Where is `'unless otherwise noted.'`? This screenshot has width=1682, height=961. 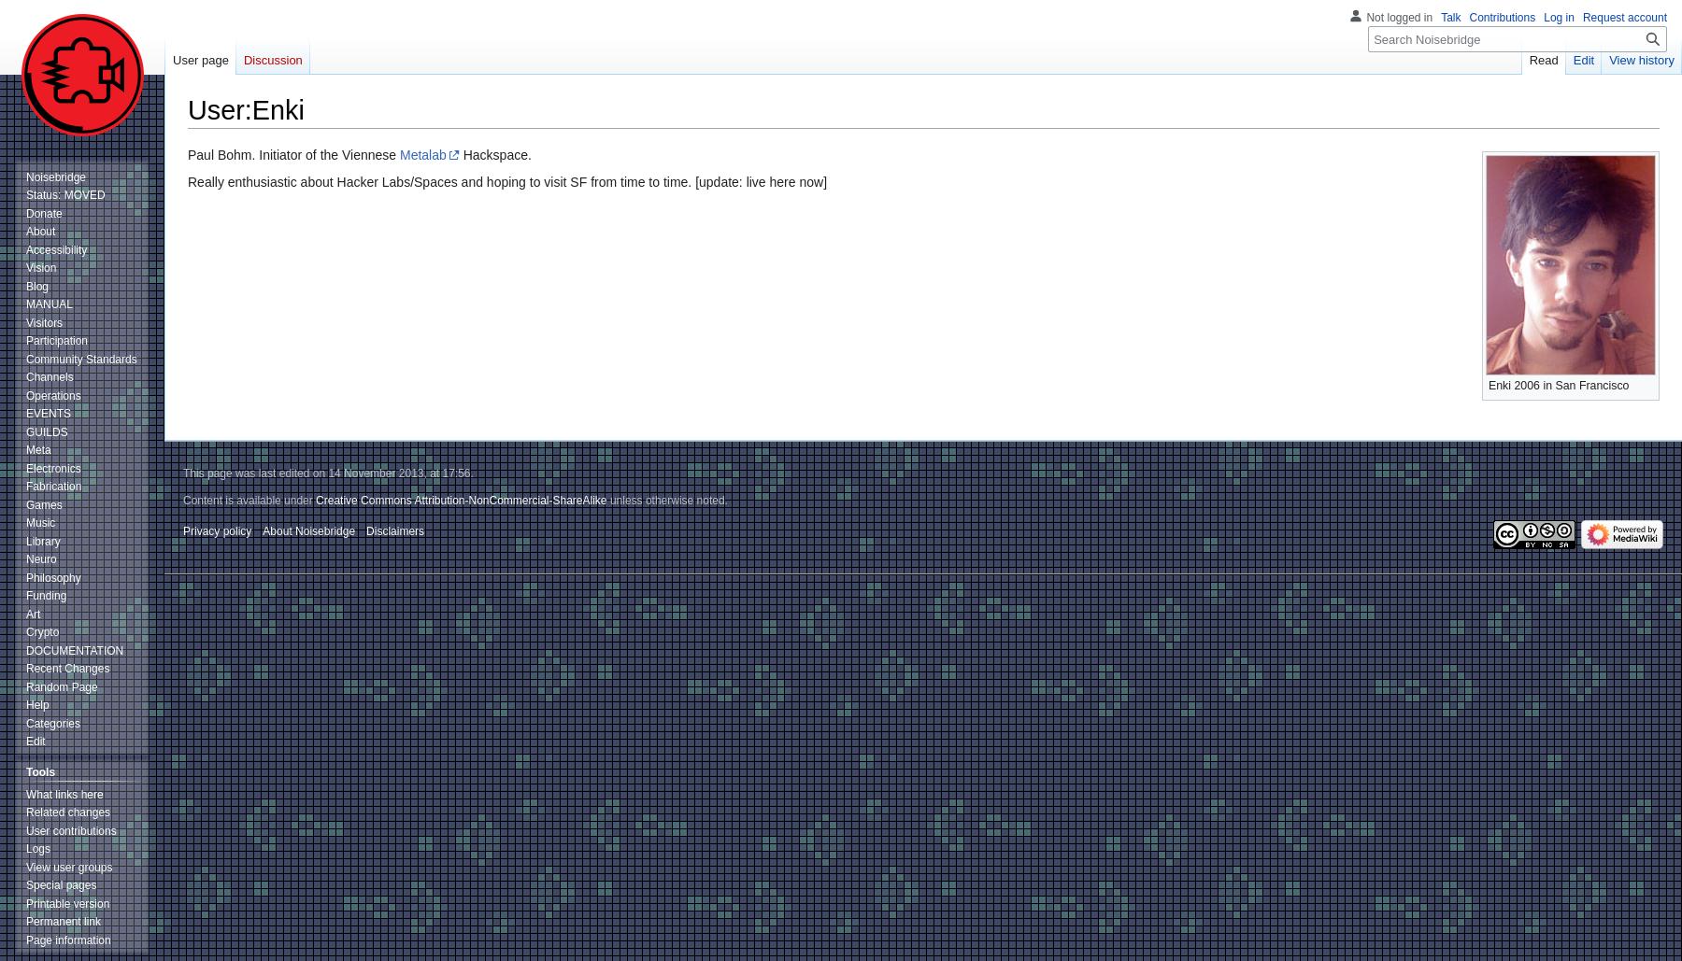
'unless otherwise noted.' is located at coordinates (665, 500).